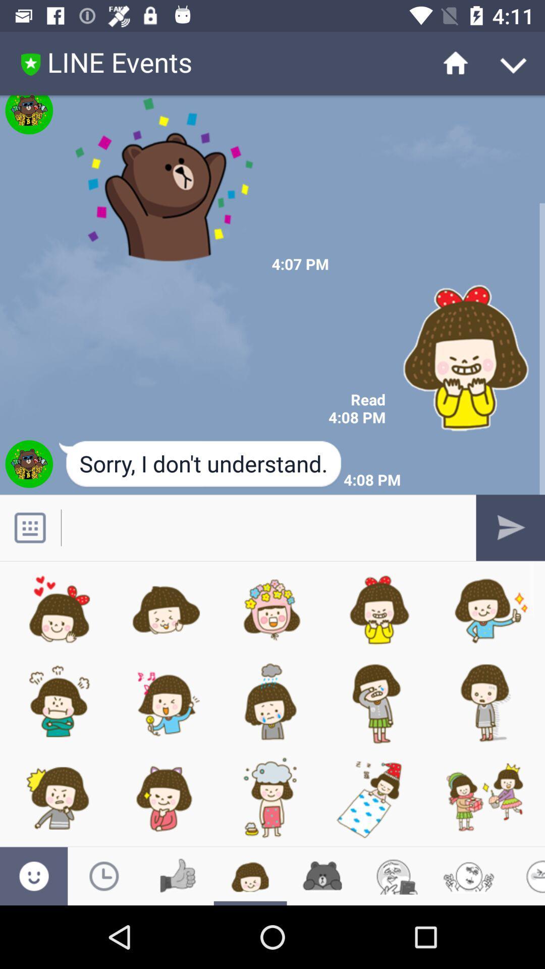  What do you see at coordinates (33, 876) in the screenshot?
I see `the emoji icon` at bounding box center [33, 876].